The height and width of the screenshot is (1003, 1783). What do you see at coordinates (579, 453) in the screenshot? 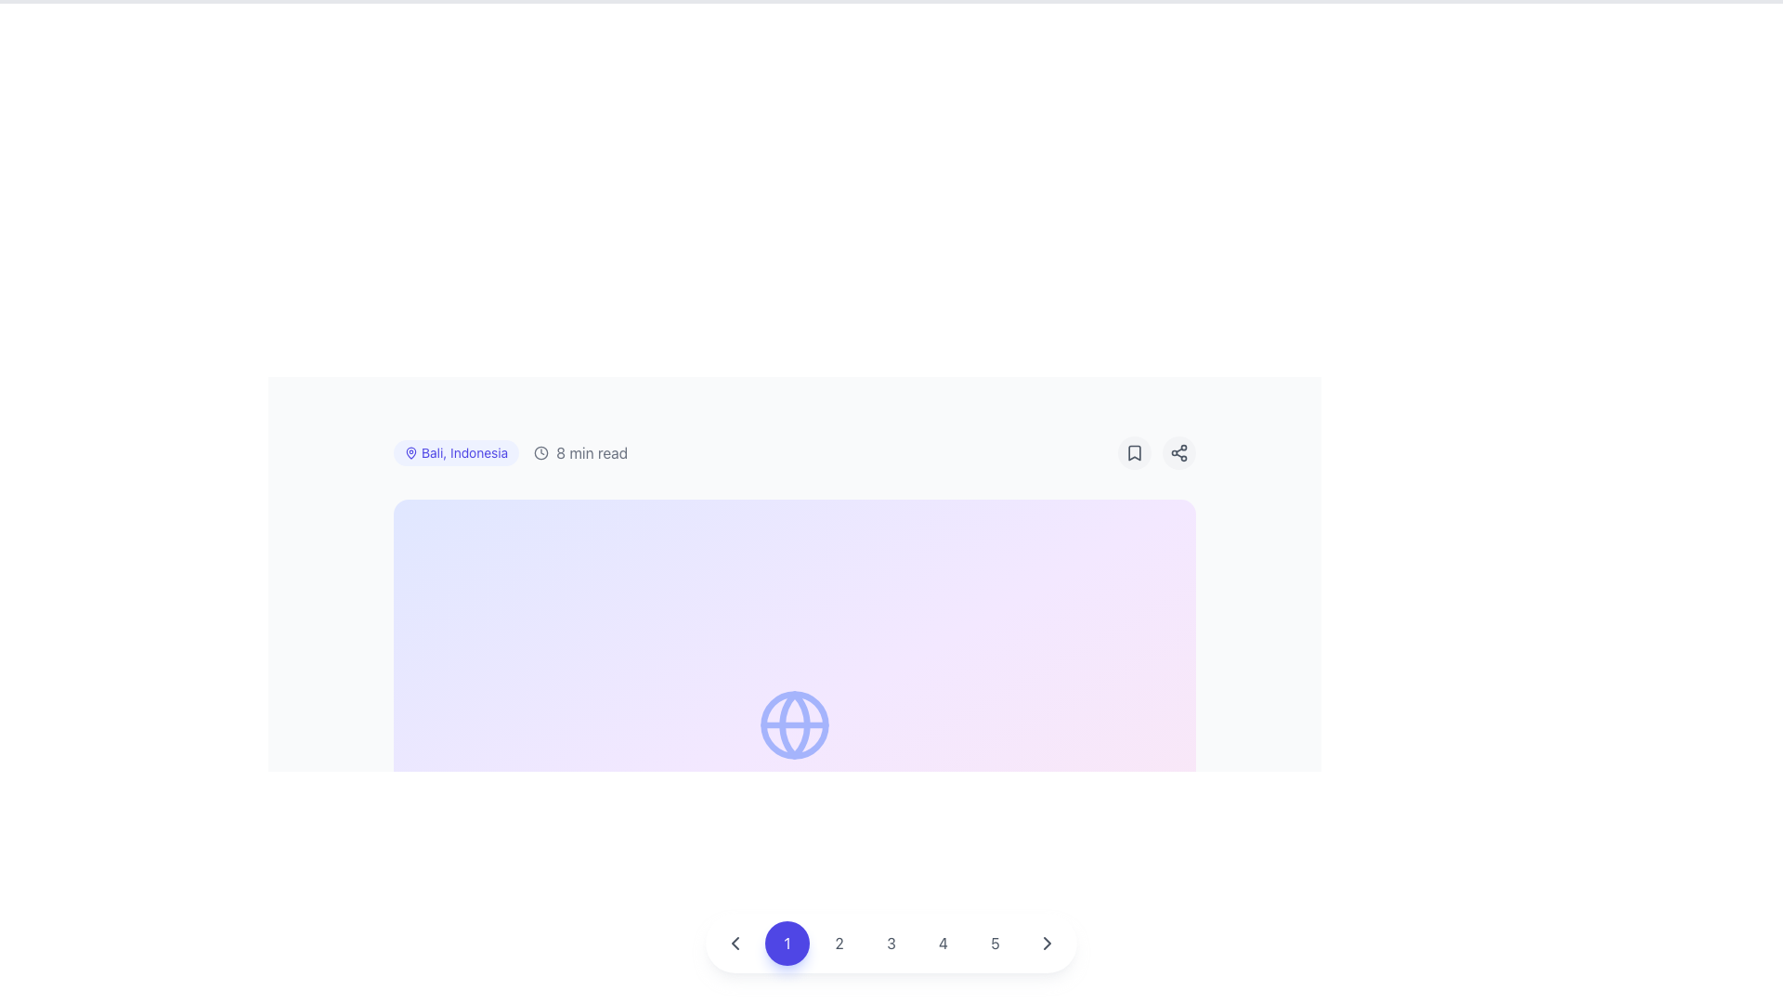
I see `estimated reading time displayed to the right of the 'Bali, Indonesia' label, which informs the user about the content's reading duration` at bounding box center [579, 453].